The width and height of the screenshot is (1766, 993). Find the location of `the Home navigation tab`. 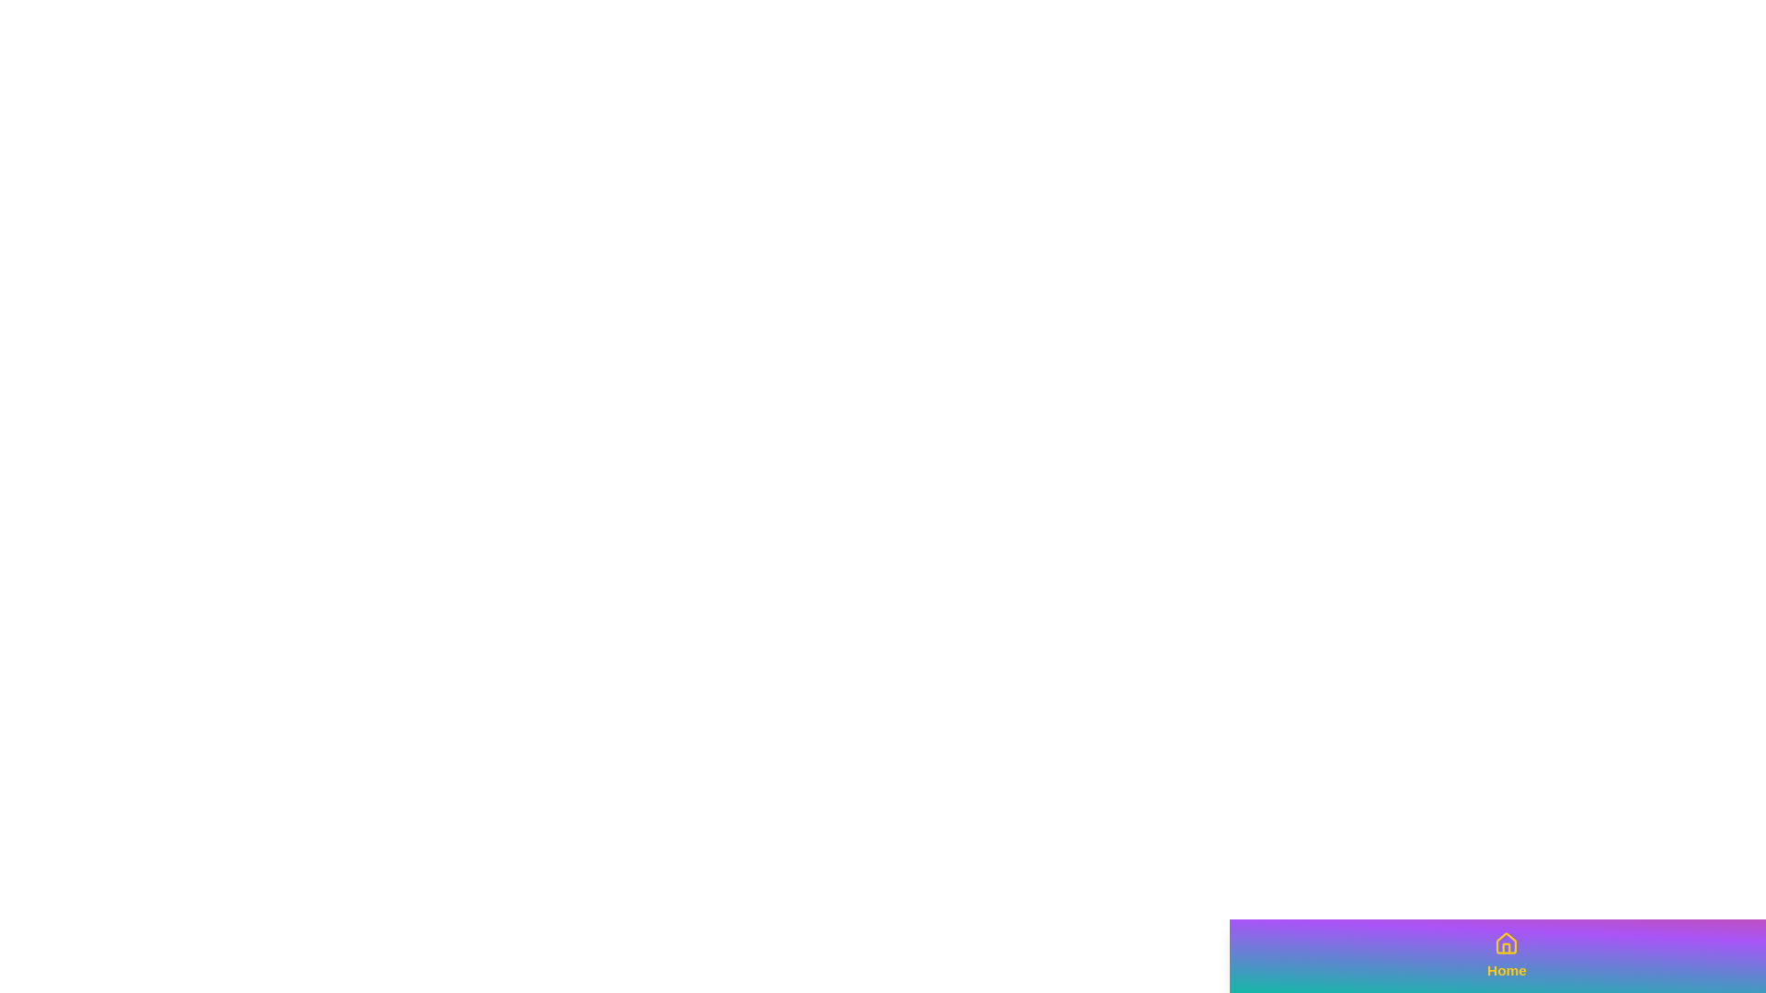

the Home navigation tab is located at coordinates (1506, 955).